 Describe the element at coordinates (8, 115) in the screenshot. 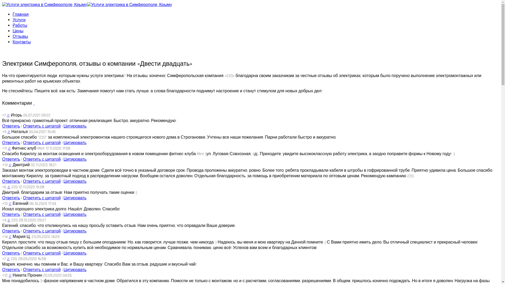

I see `'#'` at that location.